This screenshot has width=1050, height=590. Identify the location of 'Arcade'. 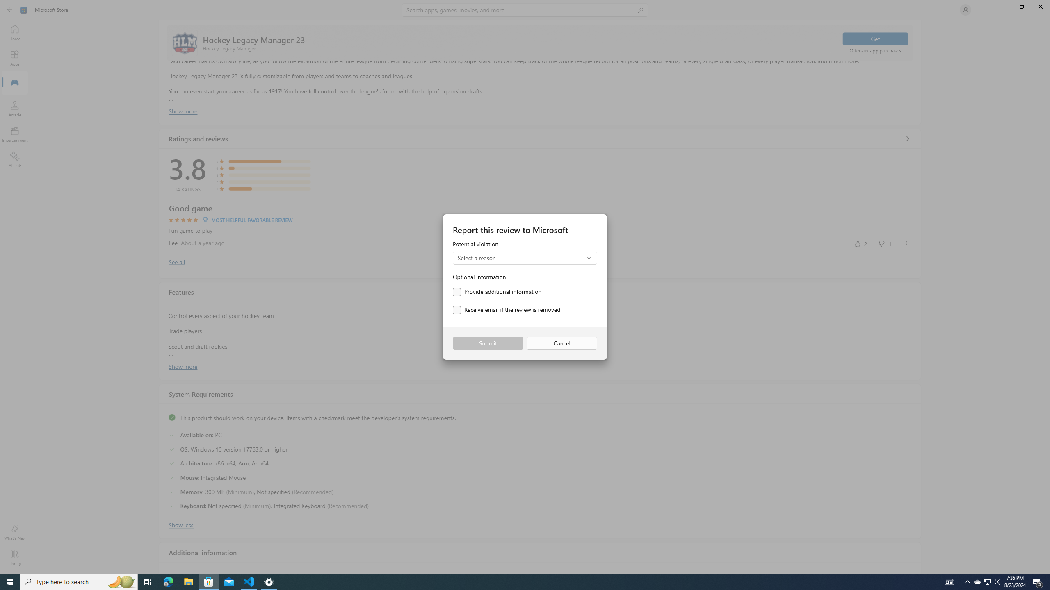
(14, 108).